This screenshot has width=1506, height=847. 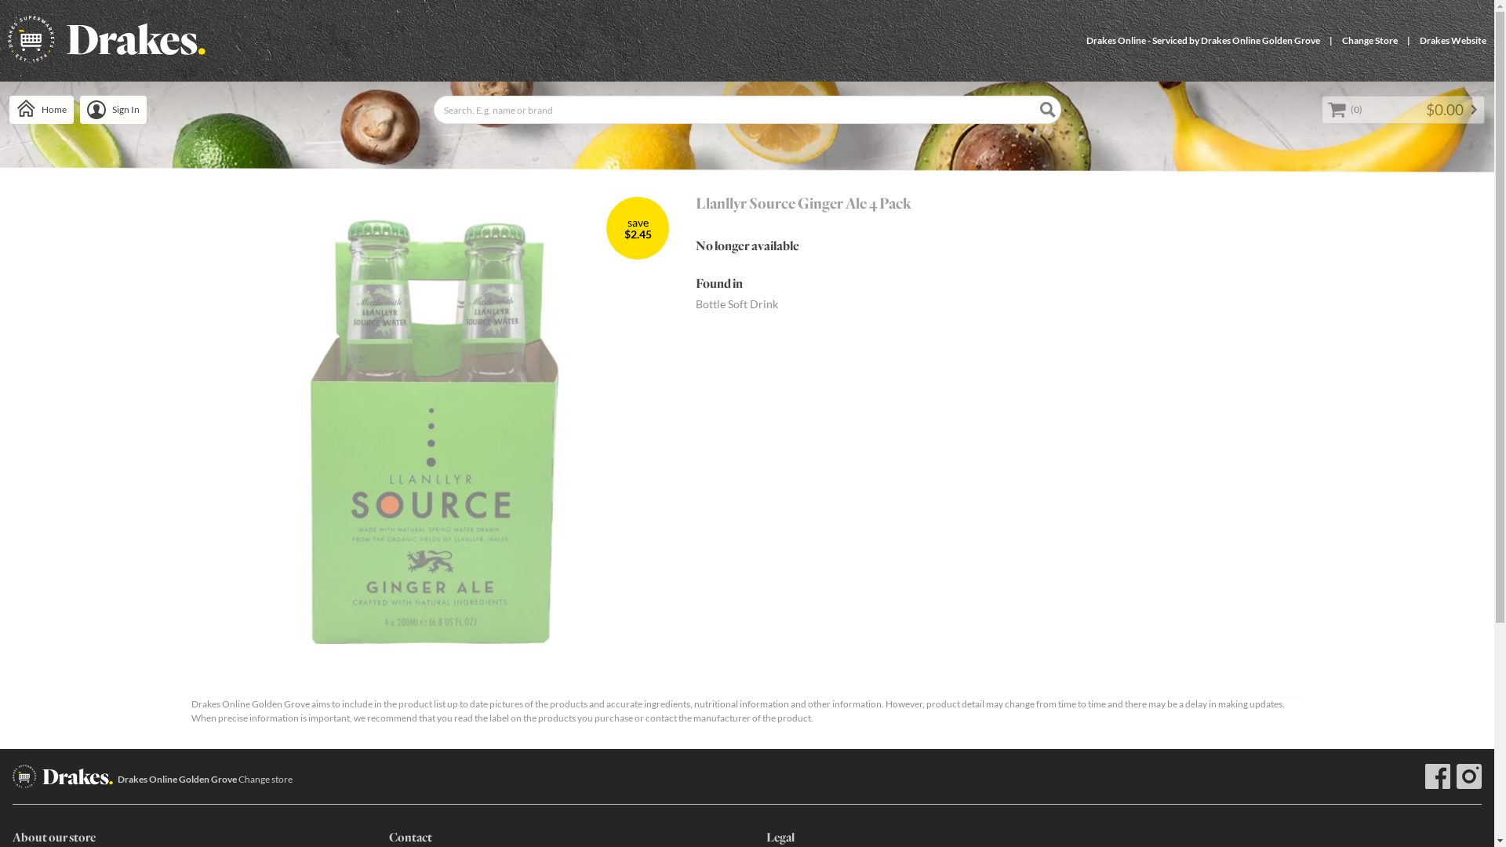 I want to click on 'Drakes Website', so click(x=1452, y=39).